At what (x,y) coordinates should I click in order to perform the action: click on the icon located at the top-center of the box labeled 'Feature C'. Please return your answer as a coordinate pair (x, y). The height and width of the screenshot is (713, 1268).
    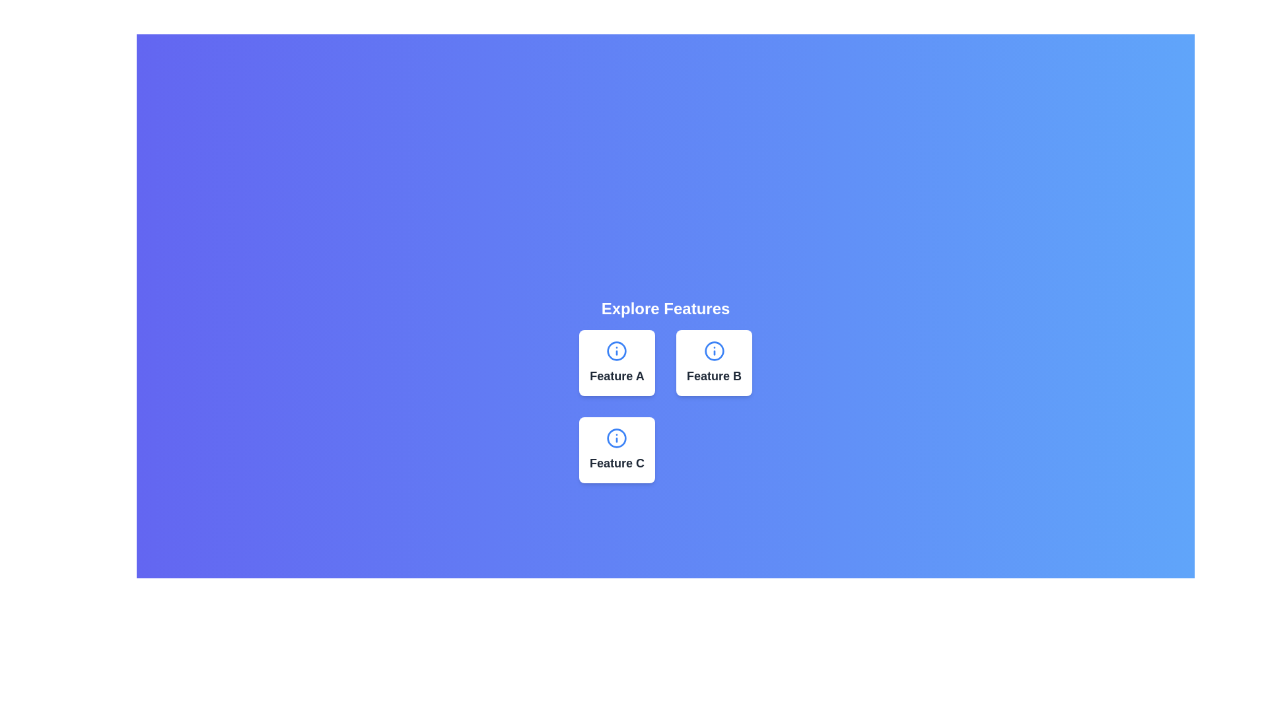
    Looking at the image, I should click on (616, 438).